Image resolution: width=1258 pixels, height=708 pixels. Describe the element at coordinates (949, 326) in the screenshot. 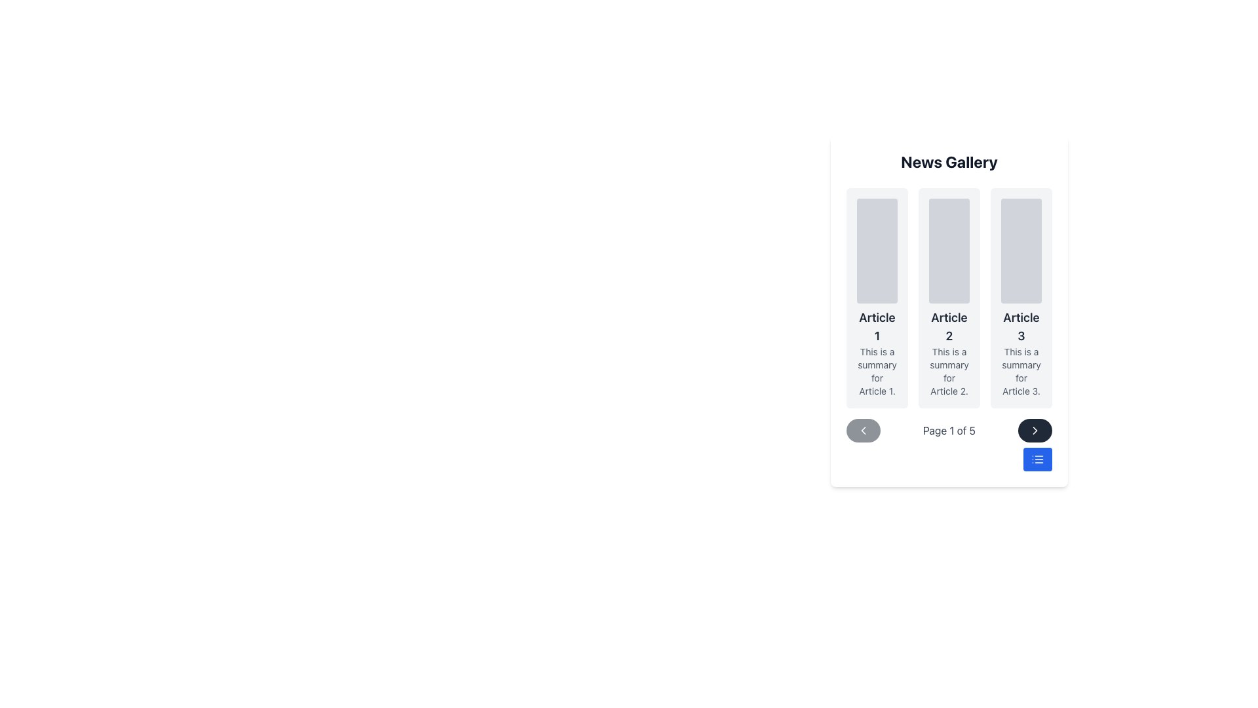

I see `the text label displaying 'Article 2', which is a bold, large, dark gray font positioned second in a vertical group beneath a rounded gray placeholder graphic` at that location.